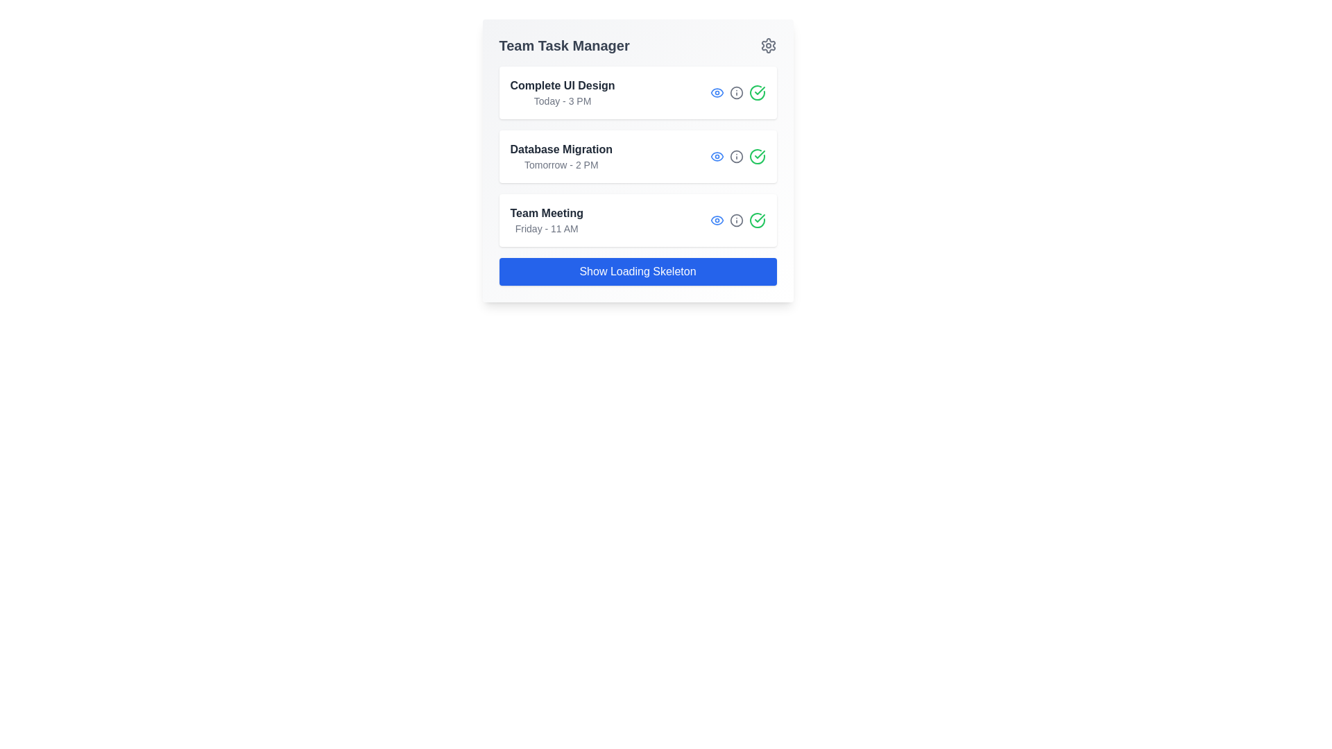 Image resolution: width=1332 pixels, height=749 pixels. What do you see at coordinates (756, 156) in the screenshot?
I see `the circular graphic icon depicting a checkmark, styled with a green line, located on the far right of the second task row labeled 'Database Migration'` at bounding box center [756, 156].